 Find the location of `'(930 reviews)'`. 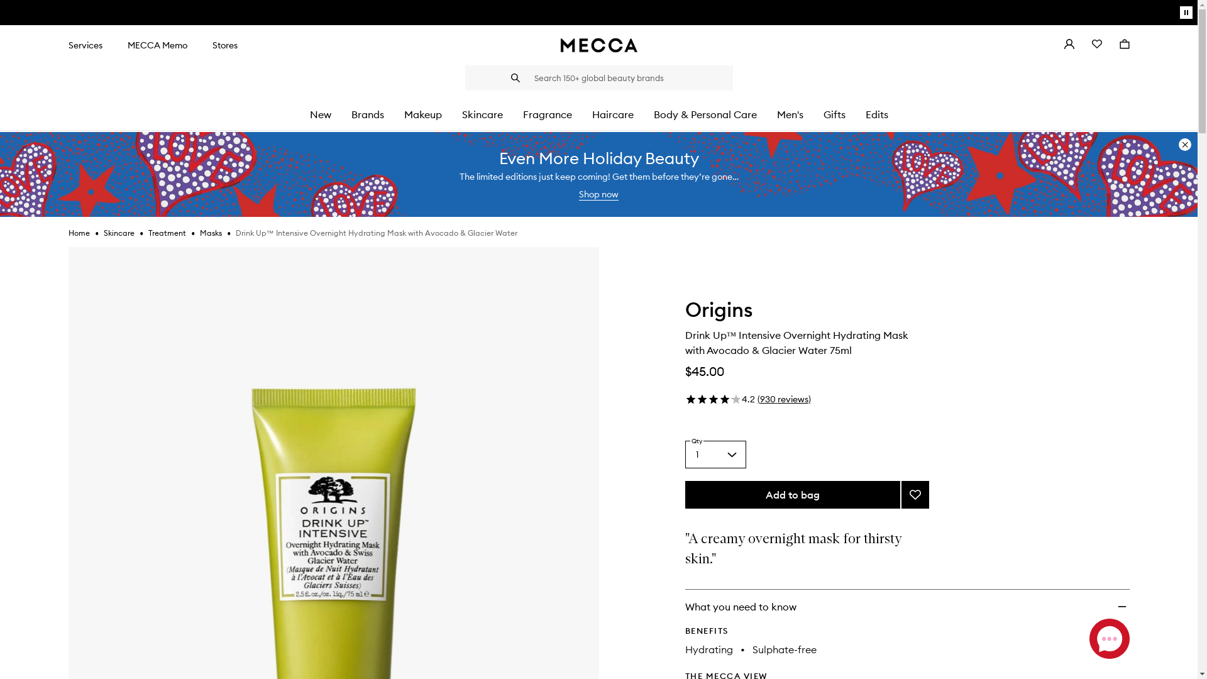

'(930 reviews)' is located at coordinates (783, 399).